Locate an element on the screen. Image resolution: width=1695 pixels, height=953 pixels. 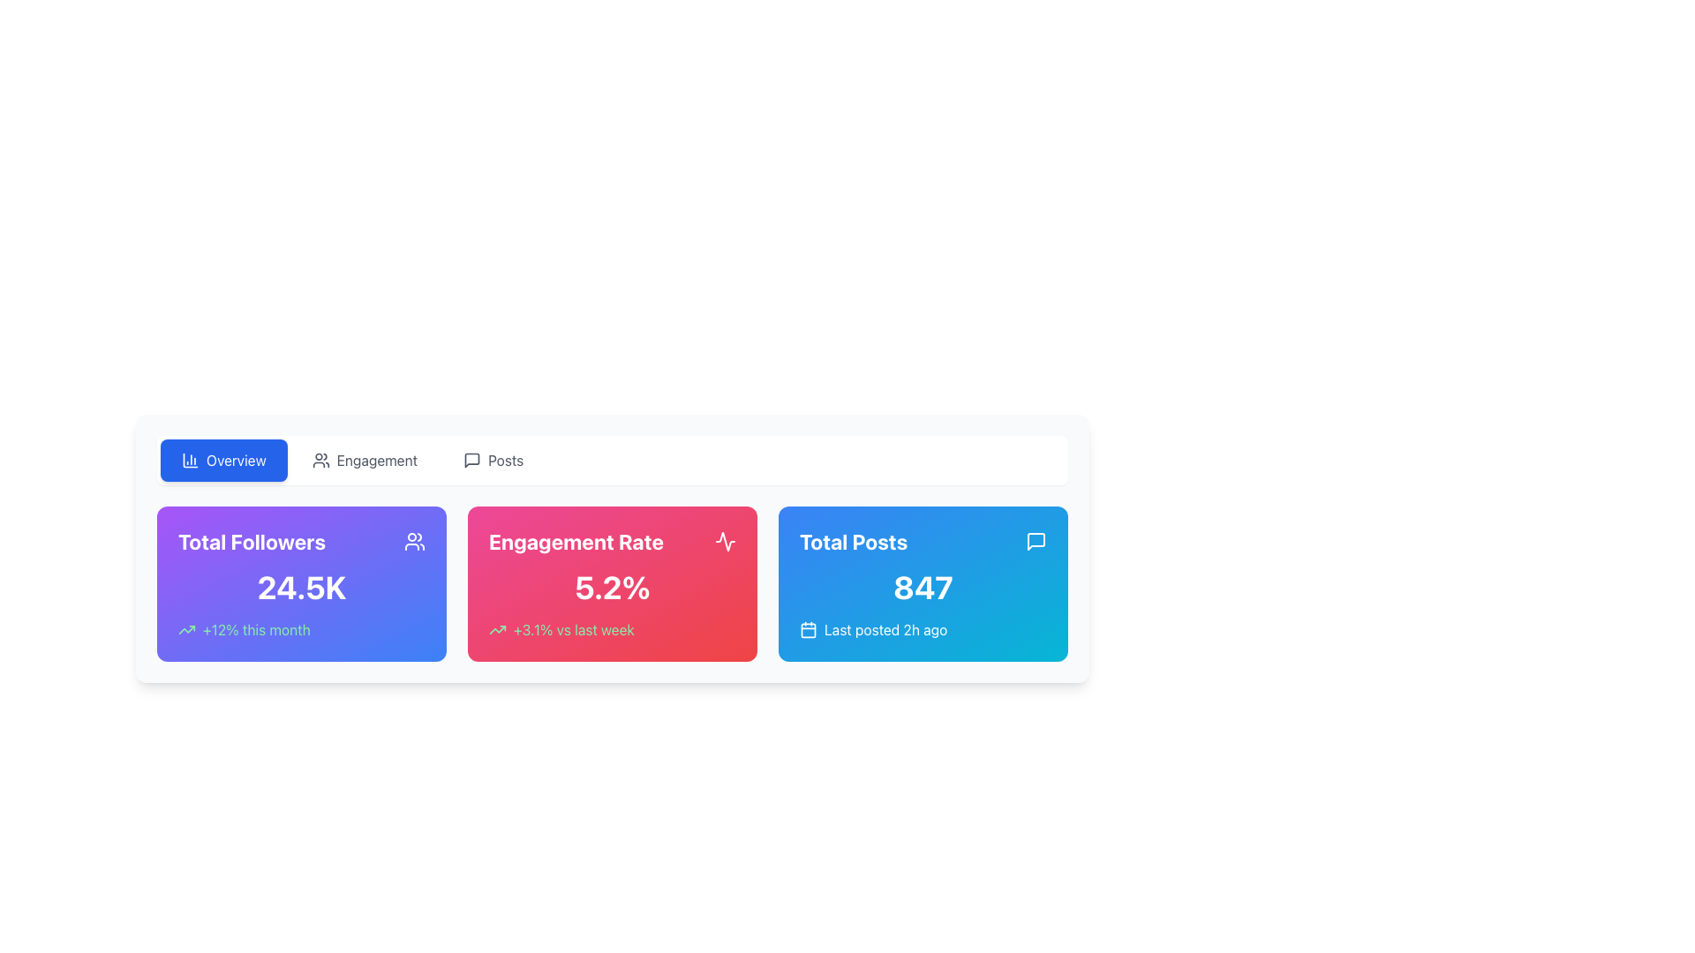
the static text element displaying '24.5K' total followers, which is the main data point within the card under the label 'Total Followers' is located at coordinates (301, 588).